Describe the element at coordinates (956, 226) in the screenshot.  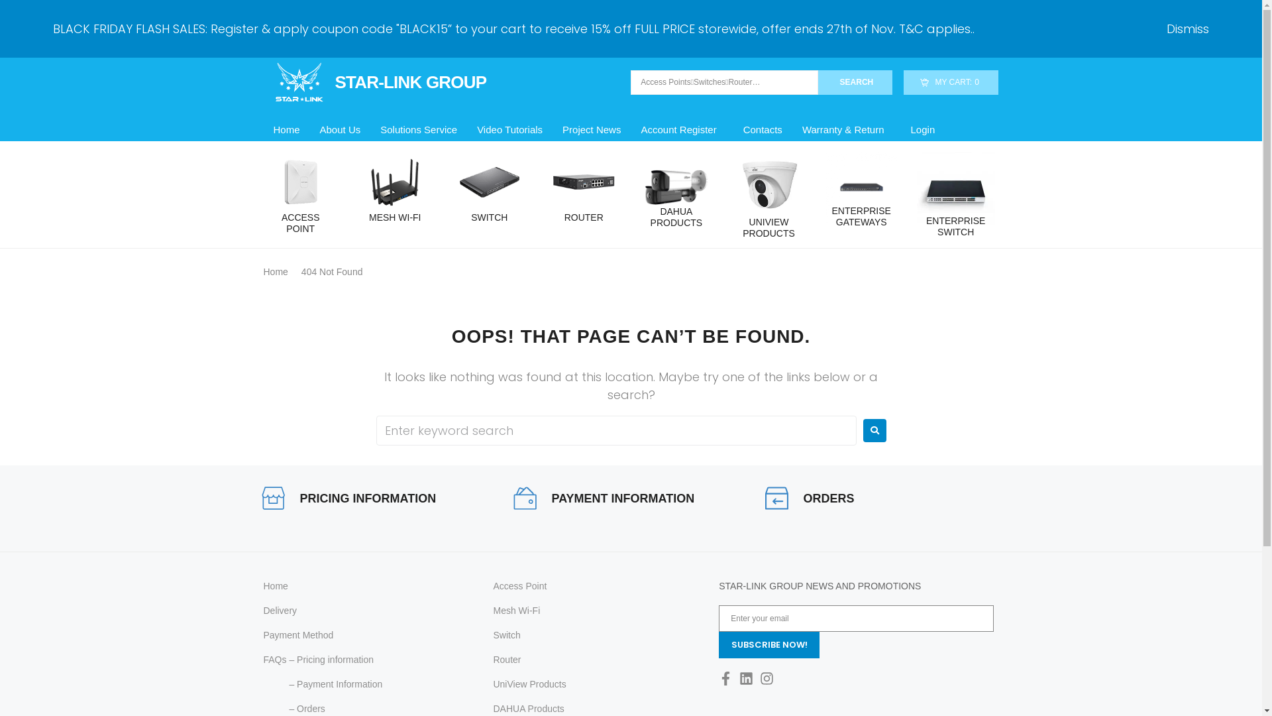
I see `'ENTERPRISE SWITCH'` at that location.